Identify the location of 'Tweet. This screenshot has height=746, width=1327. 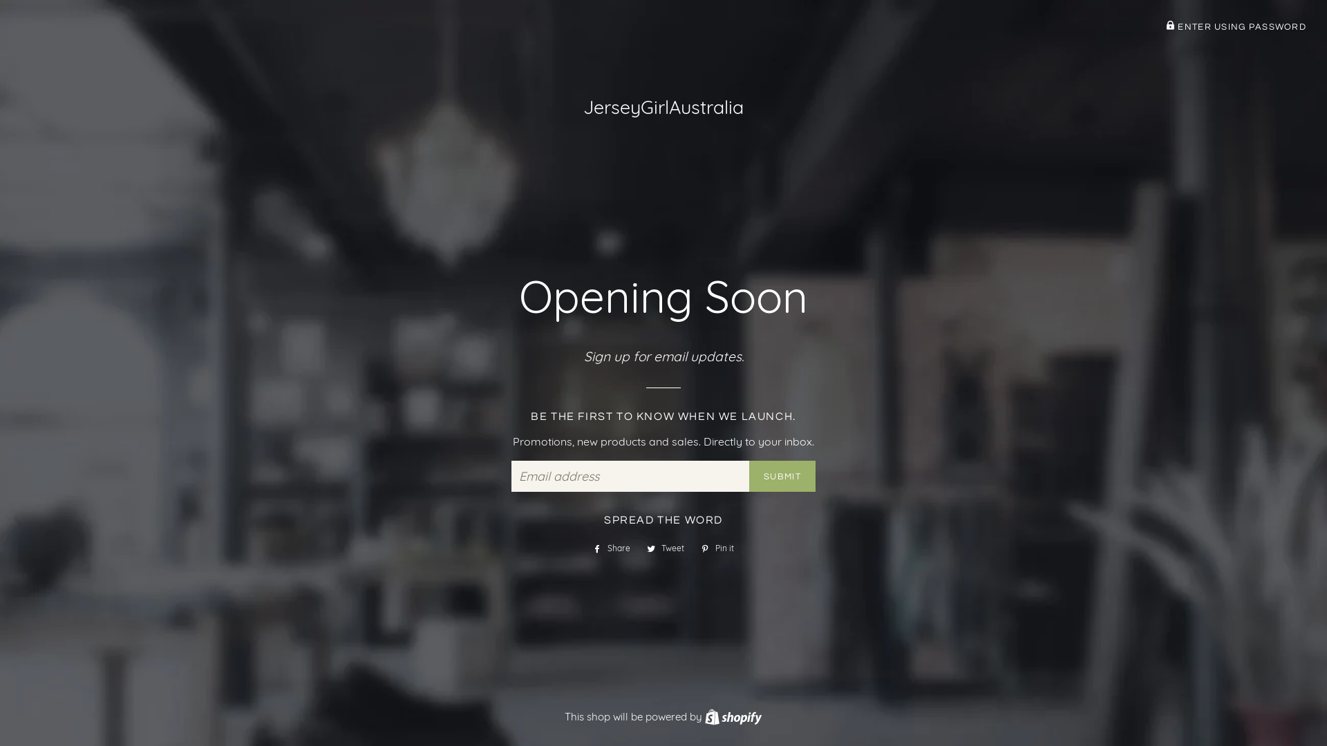
(666, 548).